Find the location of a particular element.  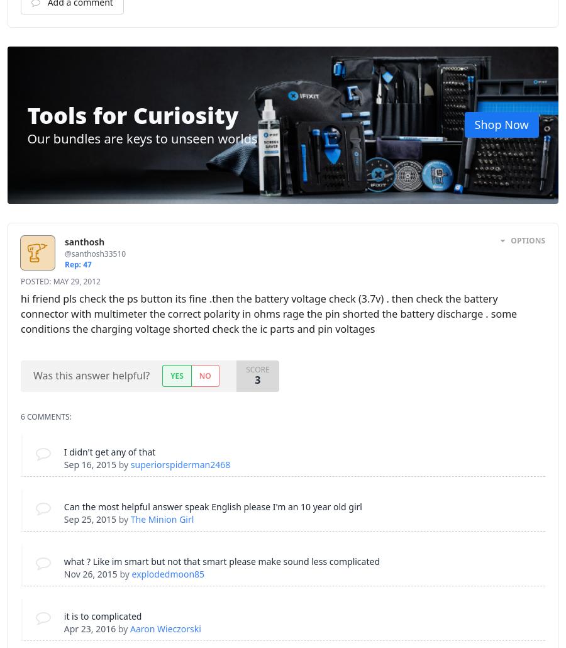

'hi friend pls check the ps button its fine  .then the battery voltage check  (3.7v) . then check the battery connector with multimeter the correct polarity in ohms rage the pin shorted the battery  discharge   . some conditions the charging  voltage shorted   check the ic parts and pin voltages' is located at coordinates (269, 313).